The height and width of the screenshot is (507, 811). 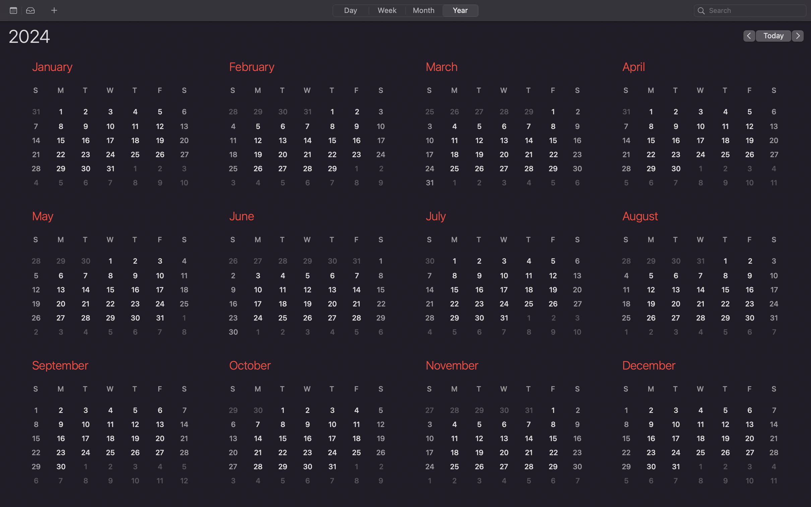 I want to click on the calendar for the month of October, so click(x=306, y=425).